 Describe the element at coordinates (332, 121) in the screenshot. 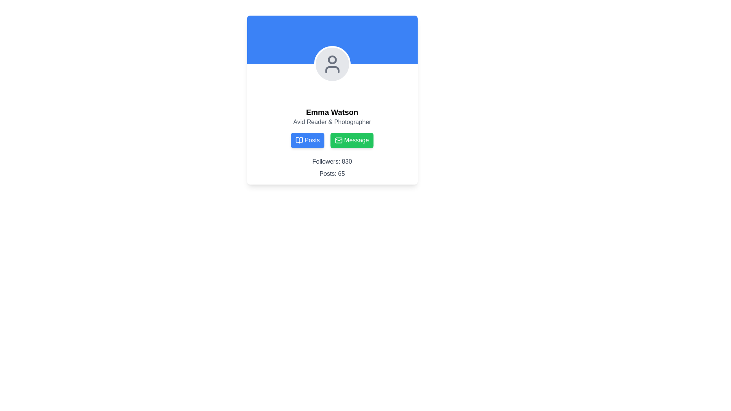

I see `the text label that reads 'Avid Reader & Photographer', which is positioned below the 'Emma Watson' title and above the action buttons 'Posts' and 'Message'` at that location.